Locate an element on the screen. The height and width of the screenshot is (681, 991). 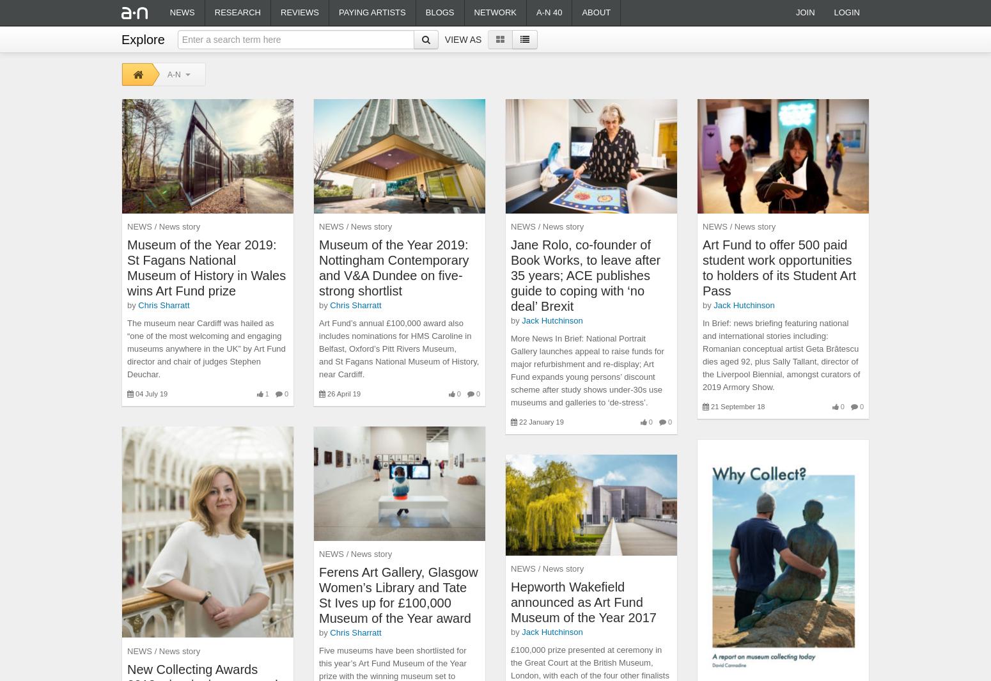
'a-n' is located at coordinates (174, 73).